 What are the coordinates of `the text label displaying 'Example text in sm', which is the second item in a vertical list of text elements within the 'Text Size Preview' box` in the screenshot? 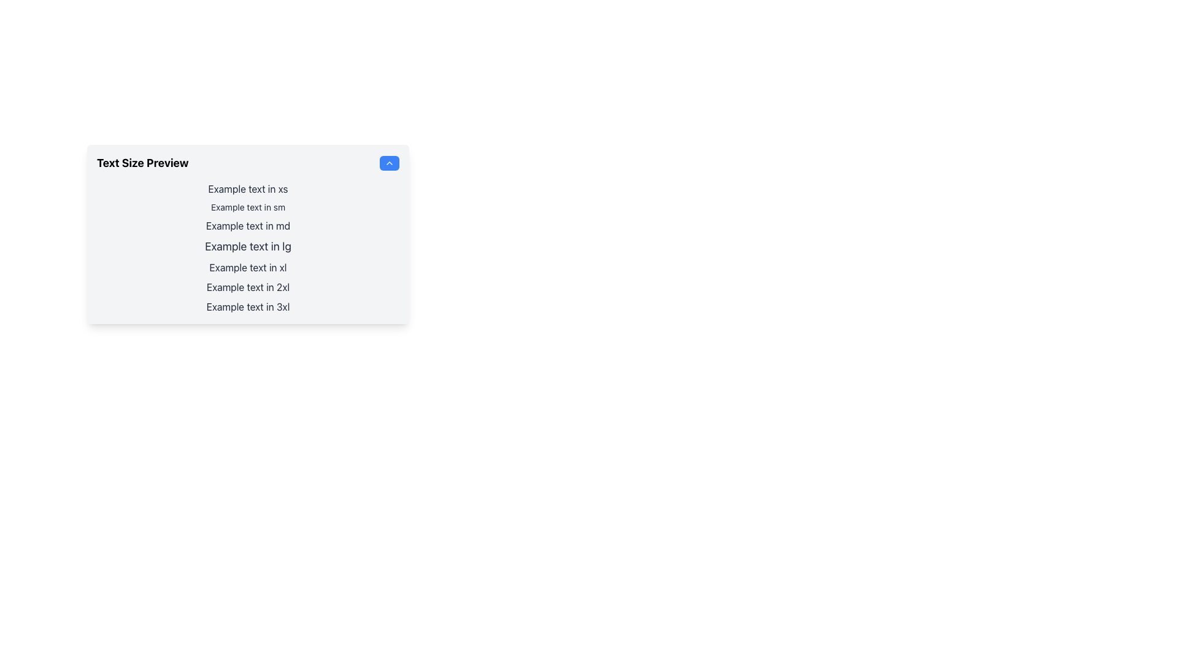 It's located at (247, 207).